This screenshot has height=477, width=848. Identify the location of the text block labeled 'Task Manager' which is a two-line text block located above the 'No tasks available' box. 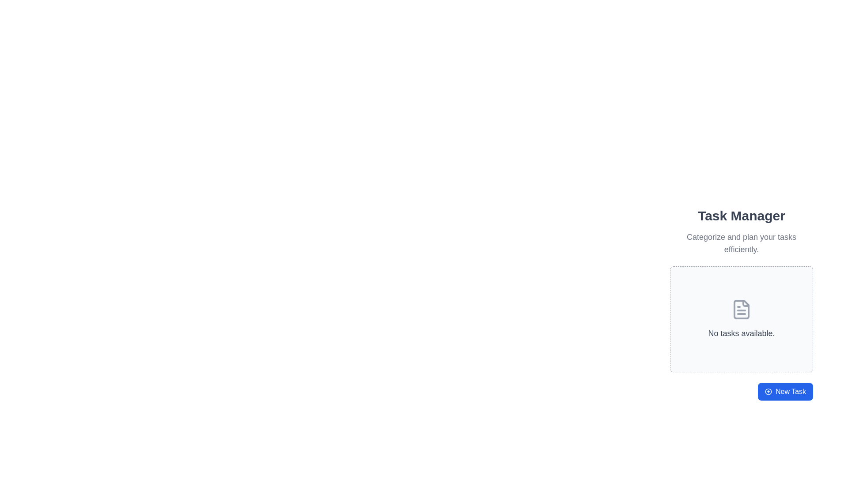
(742, 231).